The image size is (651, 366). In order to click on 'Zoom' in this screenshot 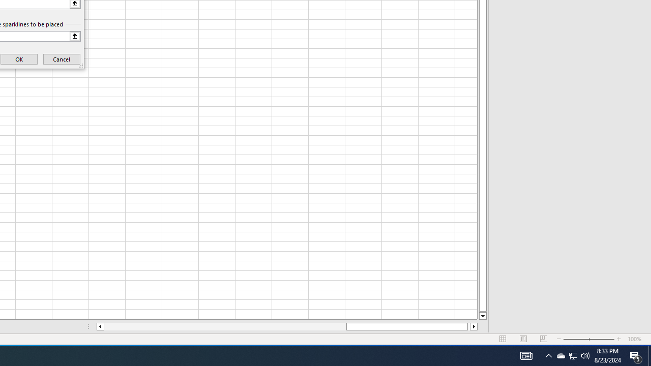, I will do `click(589, 339)`.